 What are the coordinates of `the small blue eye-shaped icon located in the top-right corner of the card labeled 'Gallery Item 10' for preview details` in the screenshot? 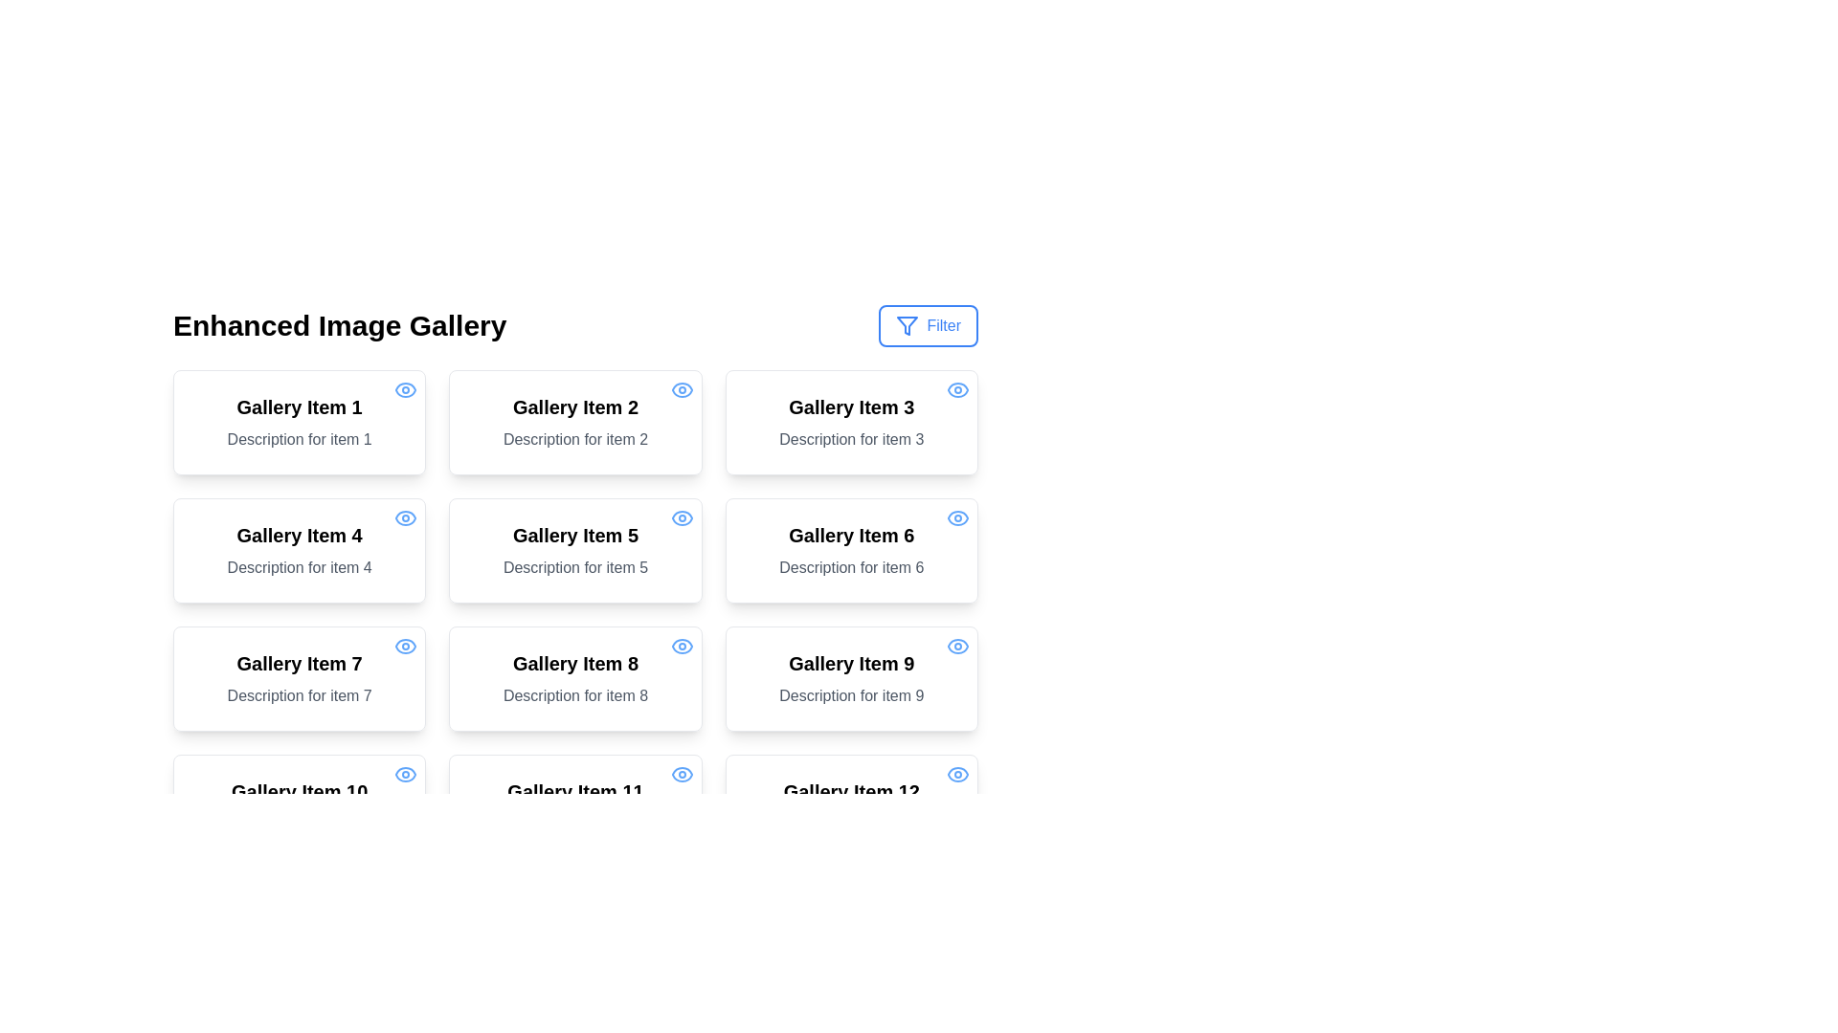 It's located at (405, 775).